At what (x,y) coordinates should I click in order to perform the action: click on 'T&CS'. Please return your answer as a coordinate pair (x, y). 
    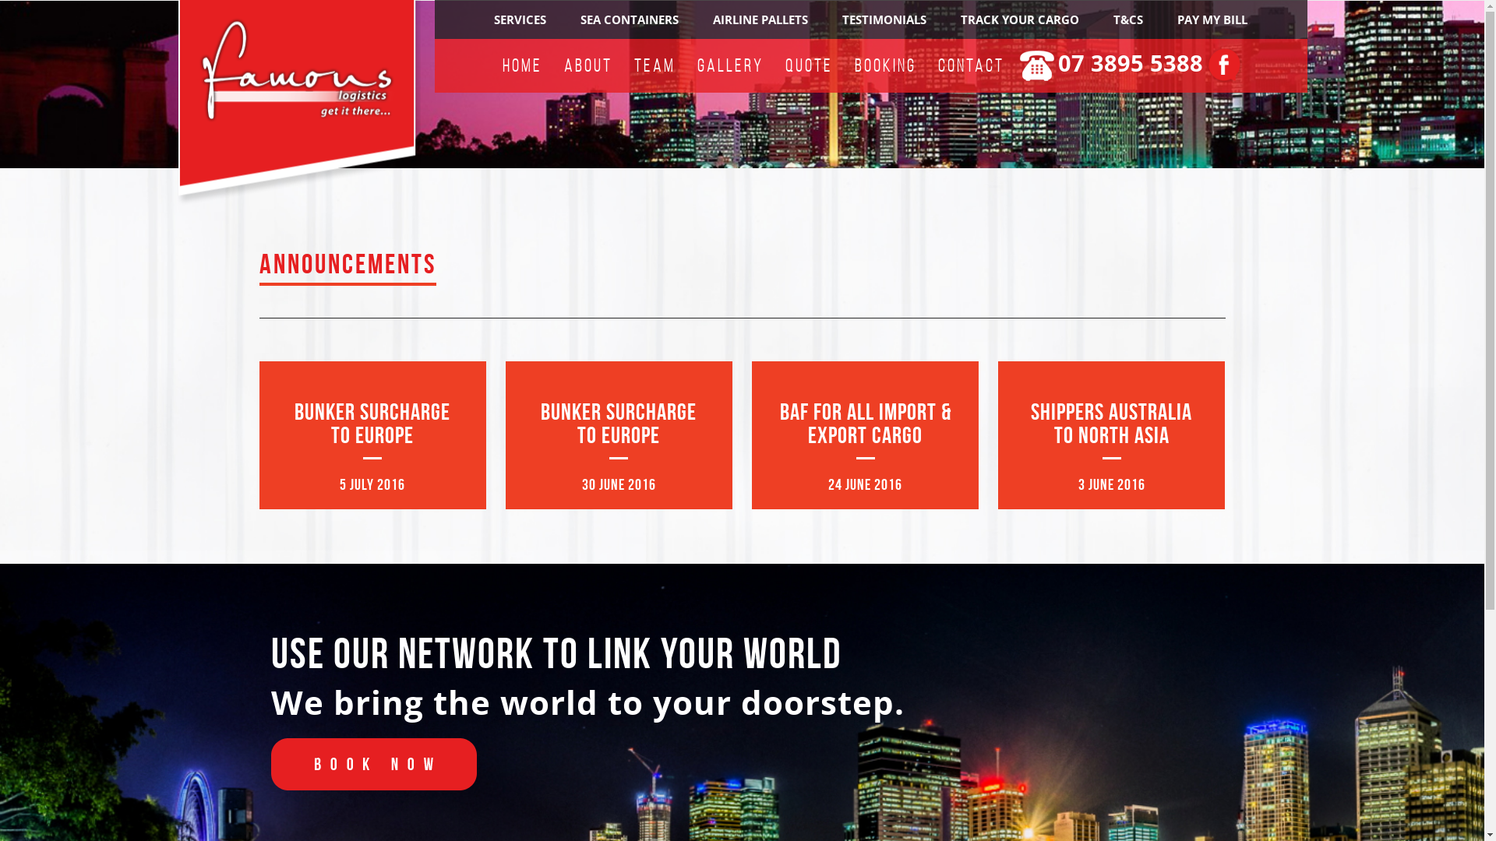
    Looking at the image, I should click on (1128, 19).